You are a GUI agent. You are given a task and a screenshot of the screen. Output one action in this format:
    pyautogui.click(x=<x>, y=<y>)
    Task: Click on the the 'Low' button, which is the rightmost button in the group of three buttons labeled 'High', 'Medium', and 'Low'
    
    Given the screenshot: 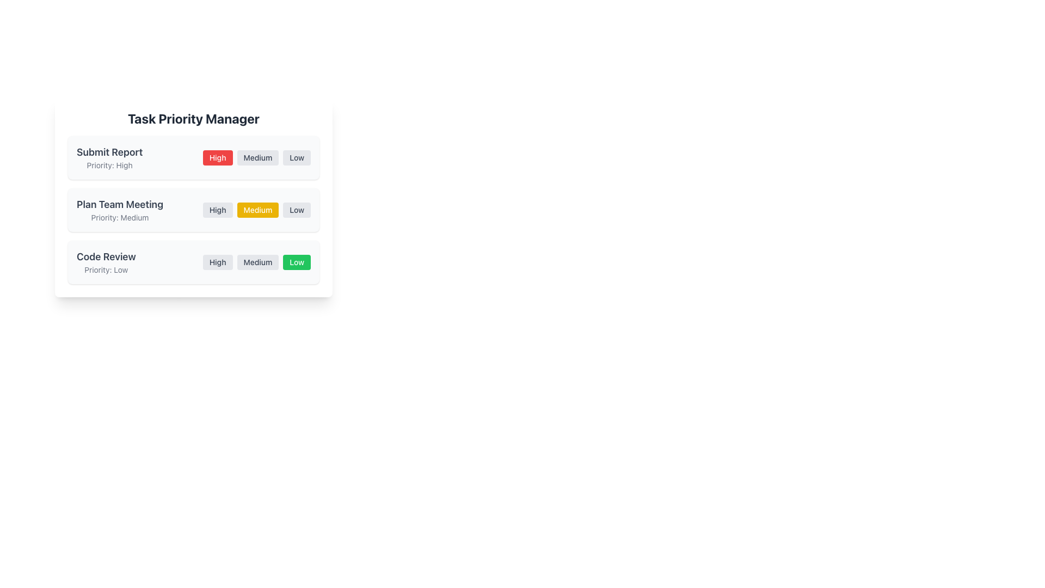 What is the action you would take?
    pyautogui.click(x=297, y=210)
    